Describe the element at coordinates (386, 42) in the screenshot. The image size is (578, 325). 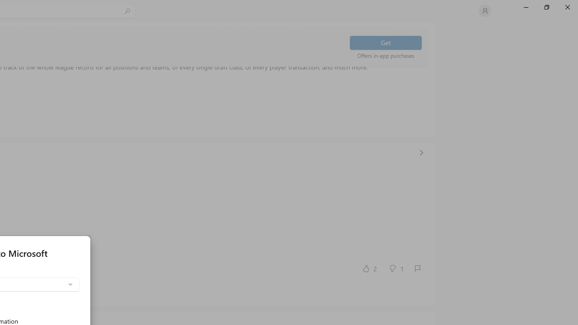
I see `'Get'` at that location.